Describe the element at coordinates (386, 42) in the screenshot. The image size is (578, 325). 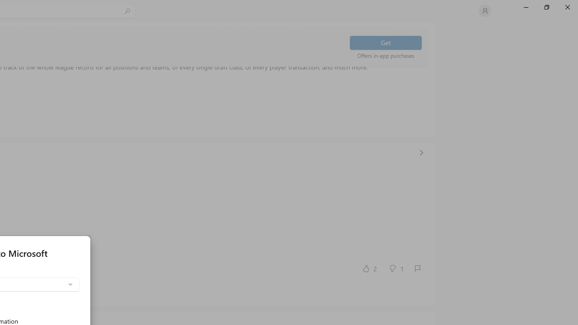
I see `'Get'` at that location.